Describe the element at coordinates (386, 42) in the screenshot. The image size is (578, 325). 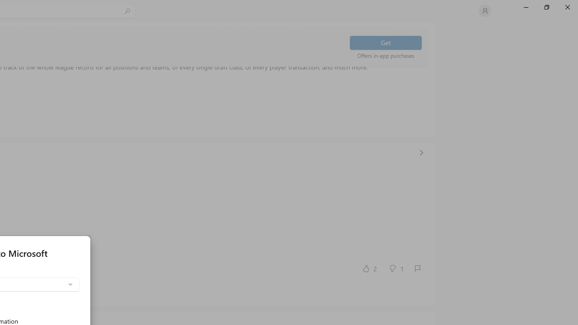
I see `'Get'` at that location.